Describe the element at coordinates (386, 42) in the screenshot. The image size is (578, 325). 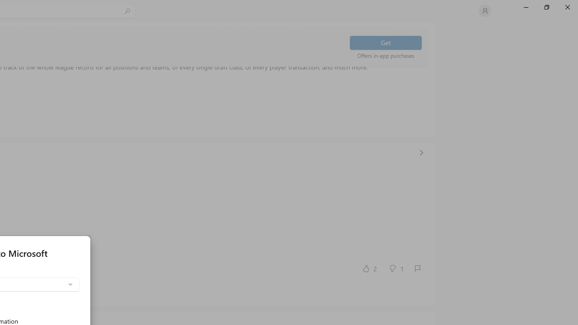
I see `'Get'` at that location.